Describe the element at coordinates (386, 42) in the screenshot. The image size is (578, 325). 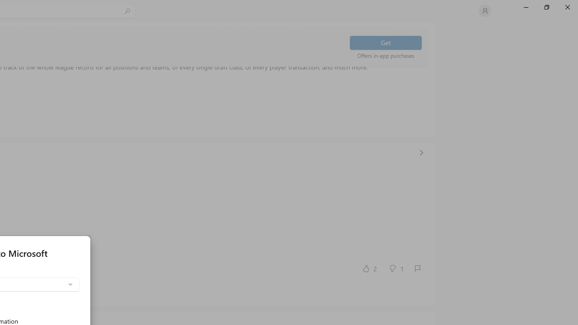
I see `'Get'` at that location.